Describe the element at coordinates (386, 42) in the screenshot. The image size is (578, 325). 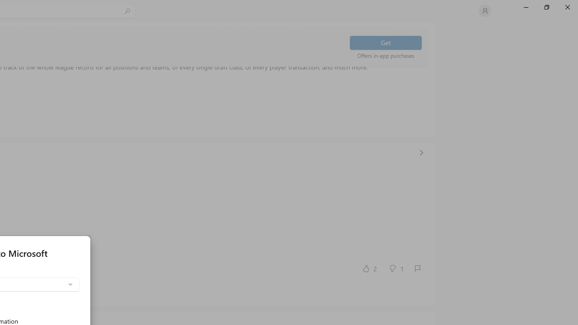
I see `'Get'` at that location.